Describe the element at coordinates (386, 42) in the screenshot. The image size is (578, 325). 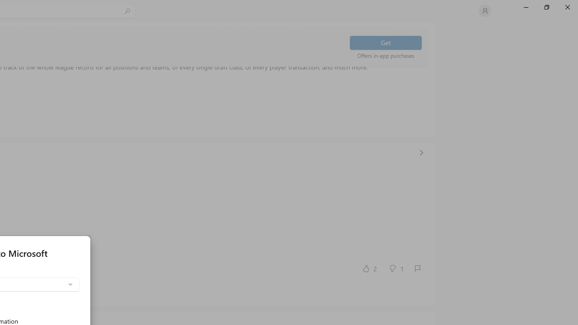
I see `'Get'` at that location.